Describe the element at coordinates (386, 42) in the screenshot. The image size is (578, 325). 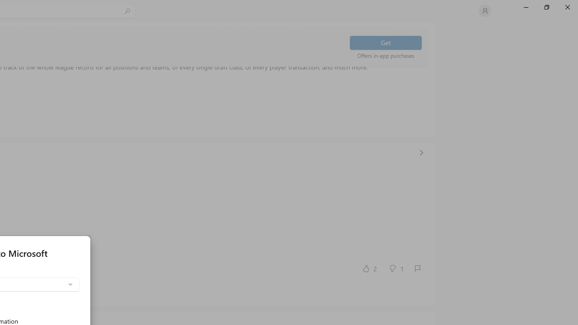
I see `'Get'` at that location.